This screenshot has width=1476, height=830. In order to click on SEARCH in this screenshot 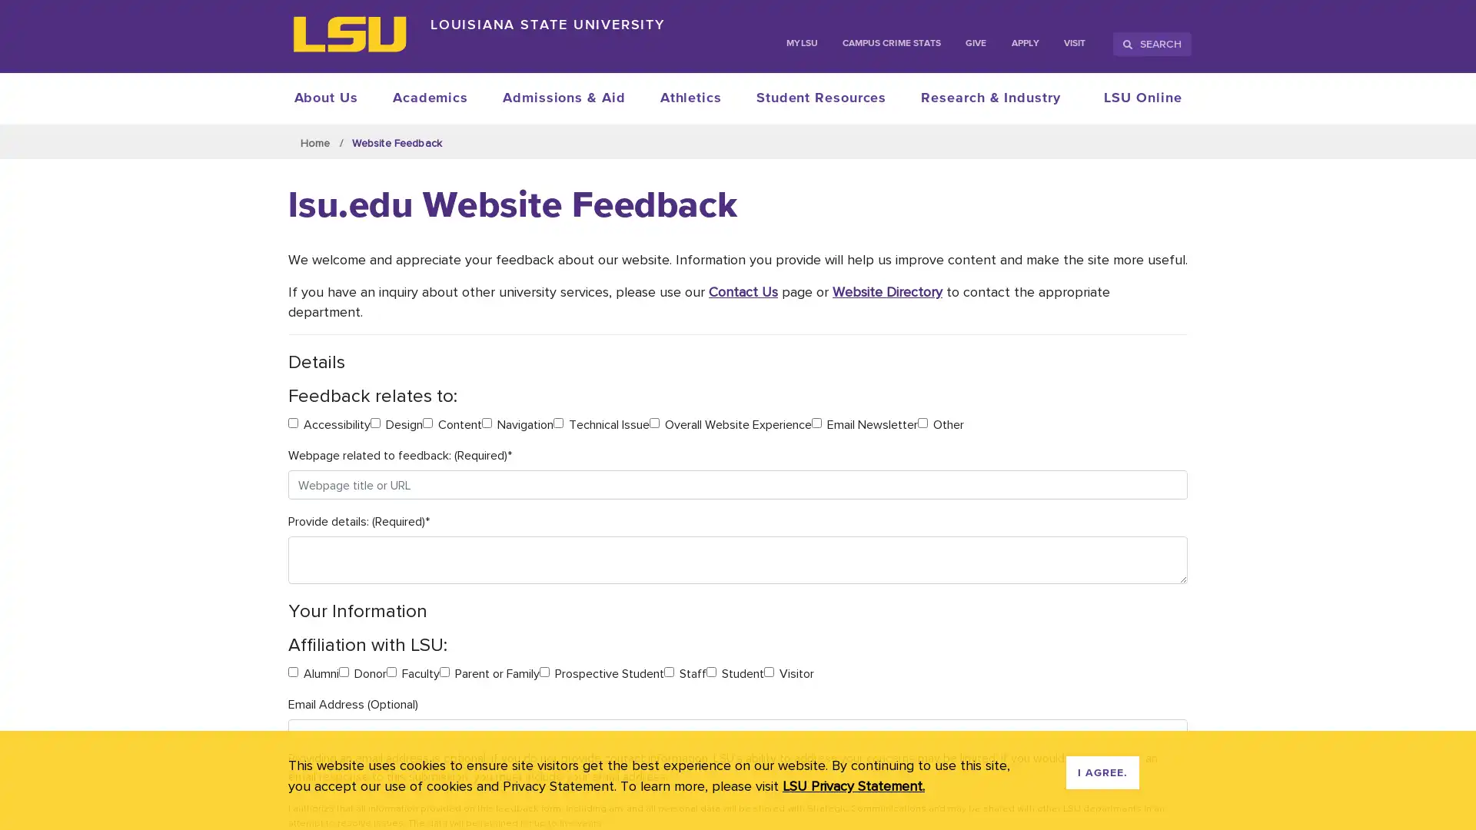, I will do `click(1152, 43)`.